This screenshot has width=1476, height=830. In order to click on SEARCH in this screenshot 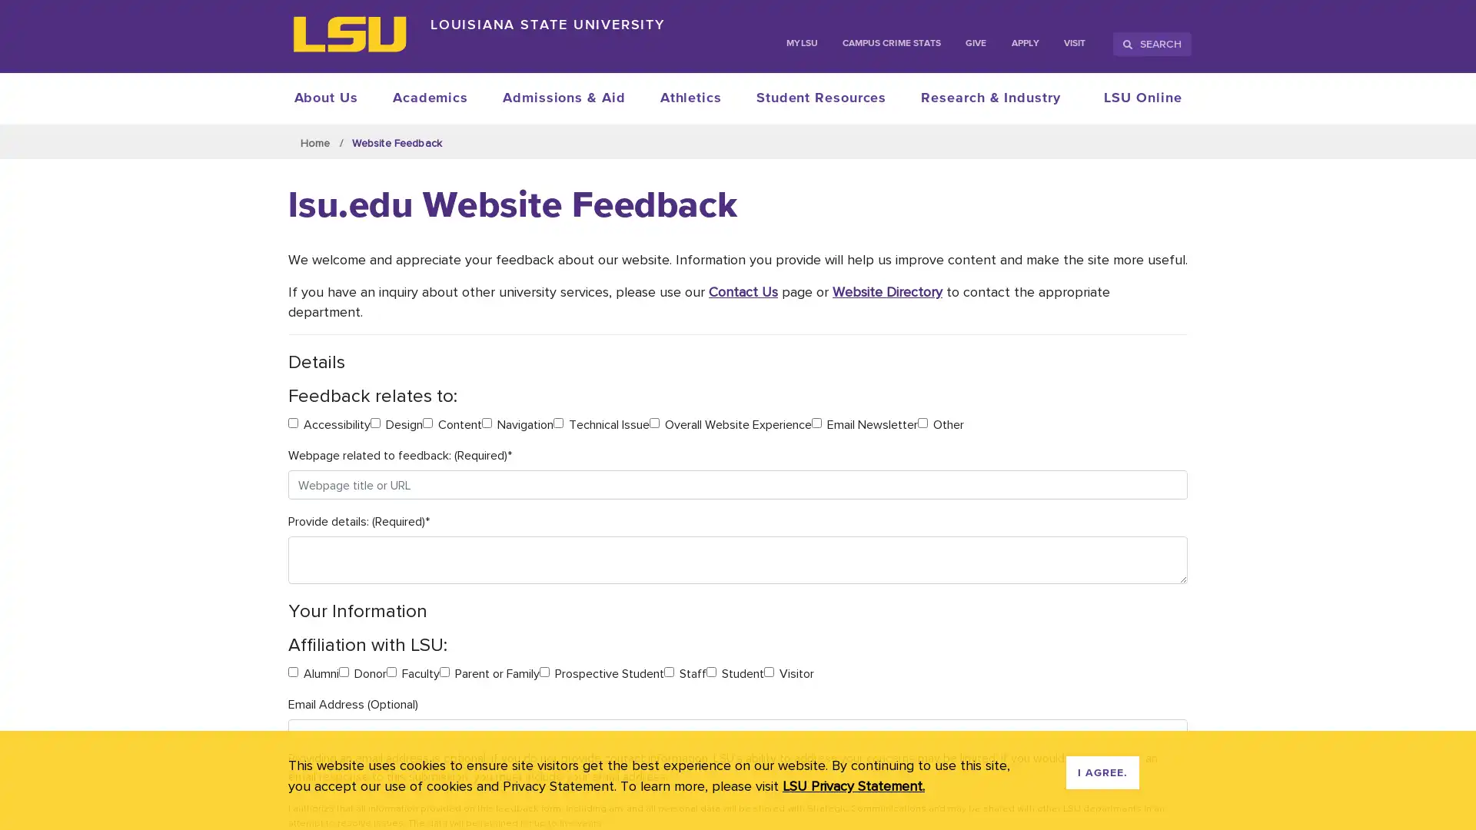, I will do `click(1152, 43)`.